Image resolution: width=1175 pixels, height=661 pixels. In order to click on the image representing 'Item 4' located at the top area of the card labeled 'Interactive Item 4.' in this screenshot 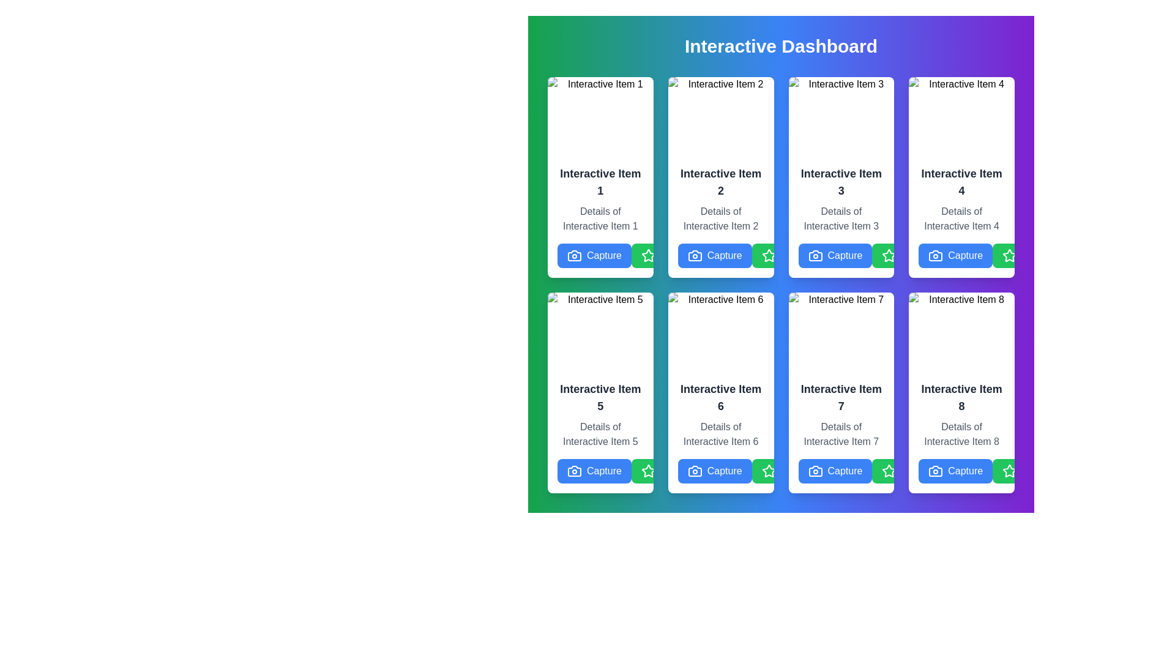, I will do `click(961, 116)`.